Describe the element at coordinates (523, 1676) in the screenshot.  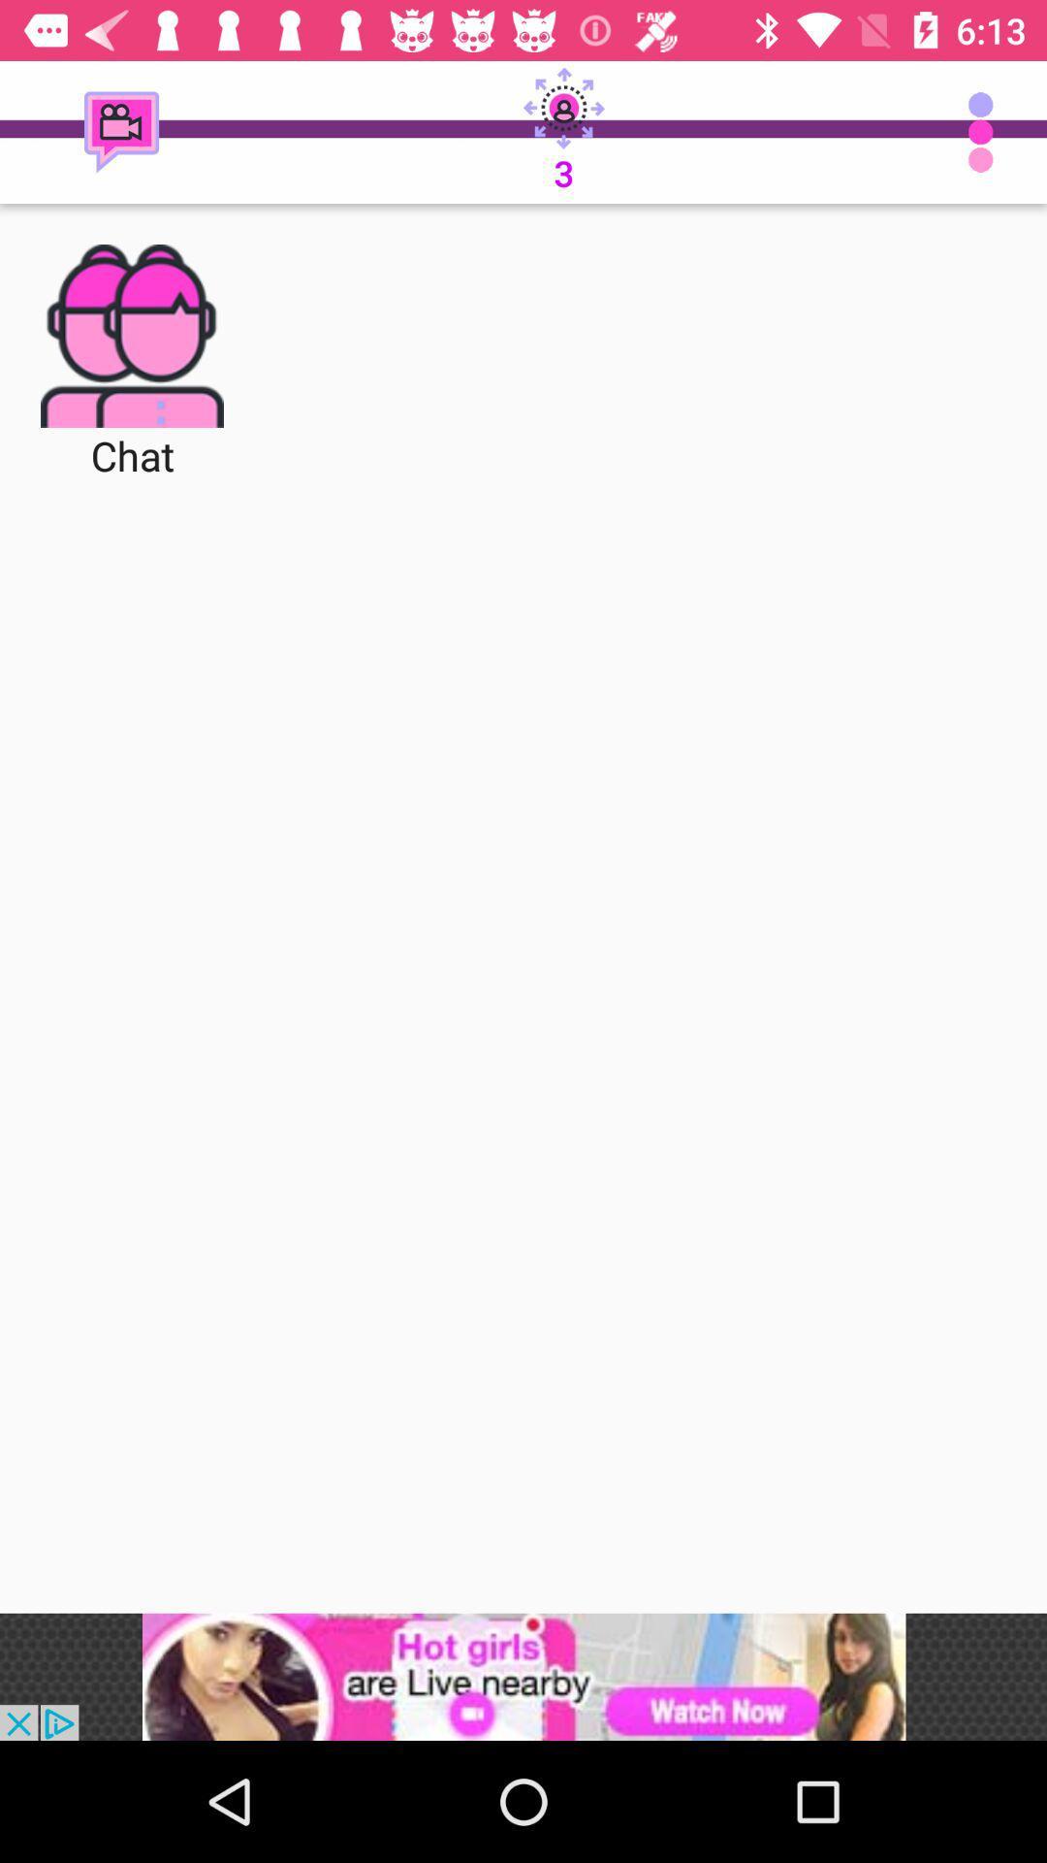
I see `opens an advertisement` at that location.